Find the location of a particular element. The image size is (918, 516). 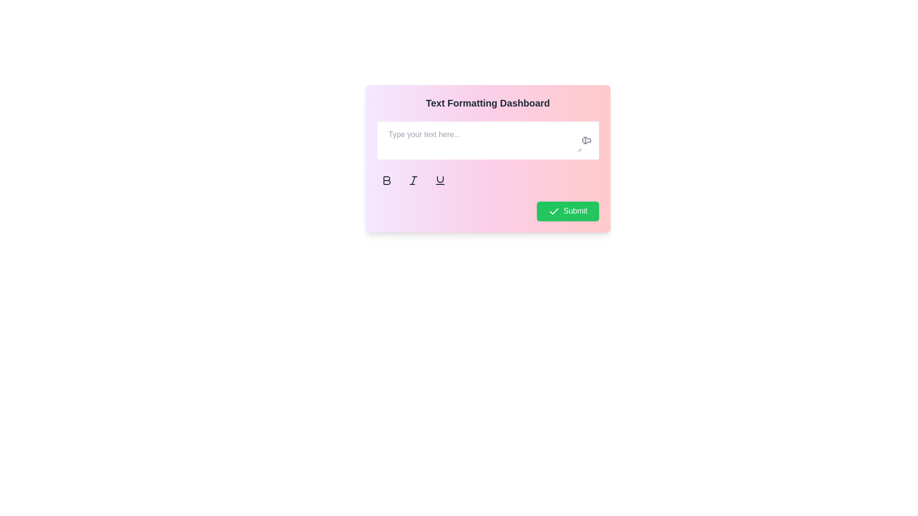

the 'Submit' button containing the small check-mark icon, which is located in the left portion of the button on the lower right of the 'Text Formatting Dashboard.' is located at coordinates (554, 211).